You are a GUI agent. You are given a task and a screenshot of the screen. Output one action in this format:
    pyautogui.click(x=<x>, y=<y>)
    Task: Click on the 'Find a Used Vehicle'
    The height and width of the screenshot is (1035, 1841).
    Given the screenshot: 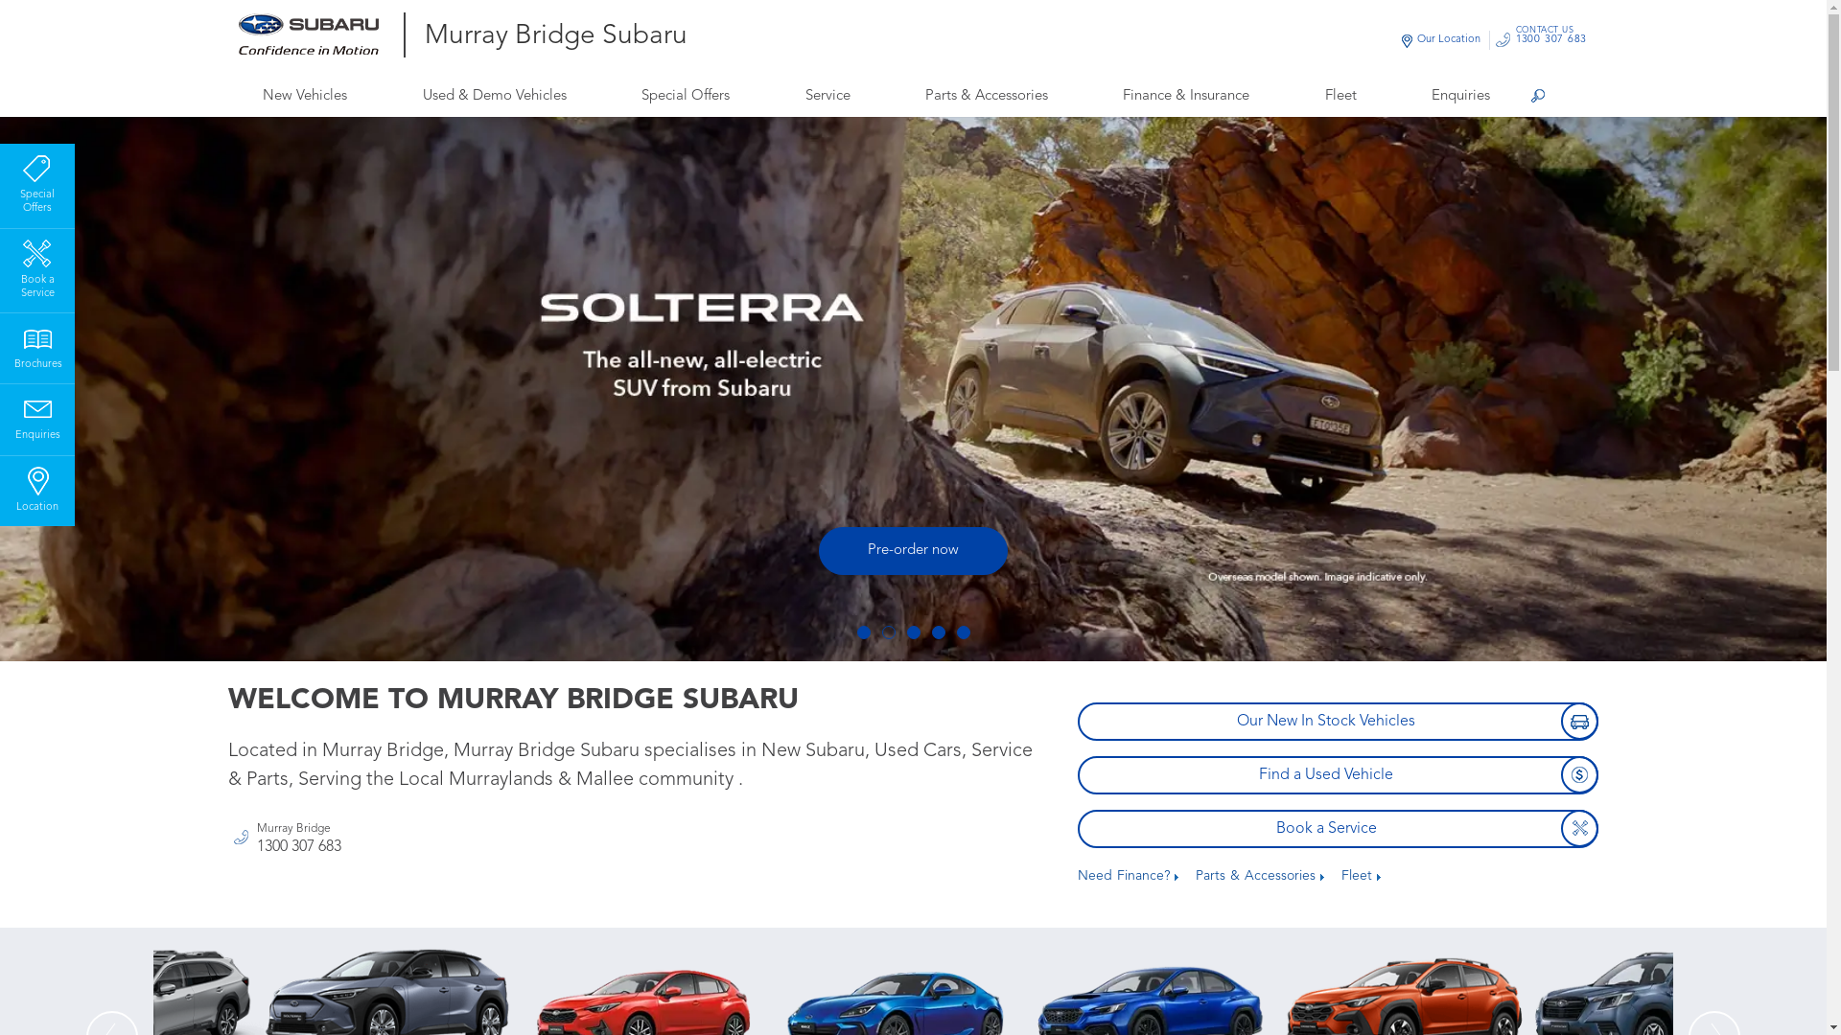 What is the action you would take?
    pyautogui.click(x=1337, y=774)
    